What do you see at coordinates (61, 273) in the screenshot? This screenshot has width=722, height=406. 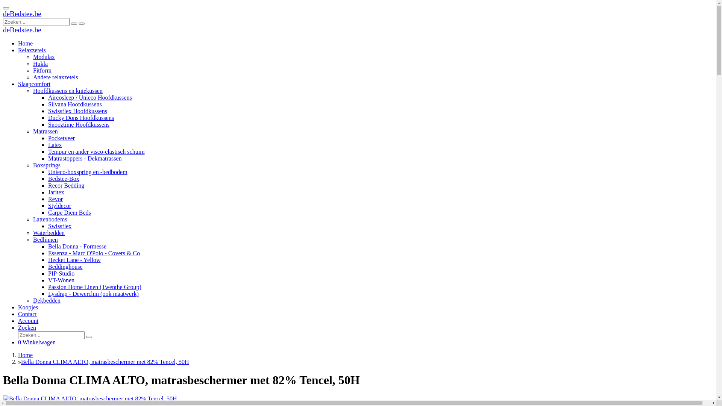 I see `'PIP-Studio'` at bounding box center [61, 273].